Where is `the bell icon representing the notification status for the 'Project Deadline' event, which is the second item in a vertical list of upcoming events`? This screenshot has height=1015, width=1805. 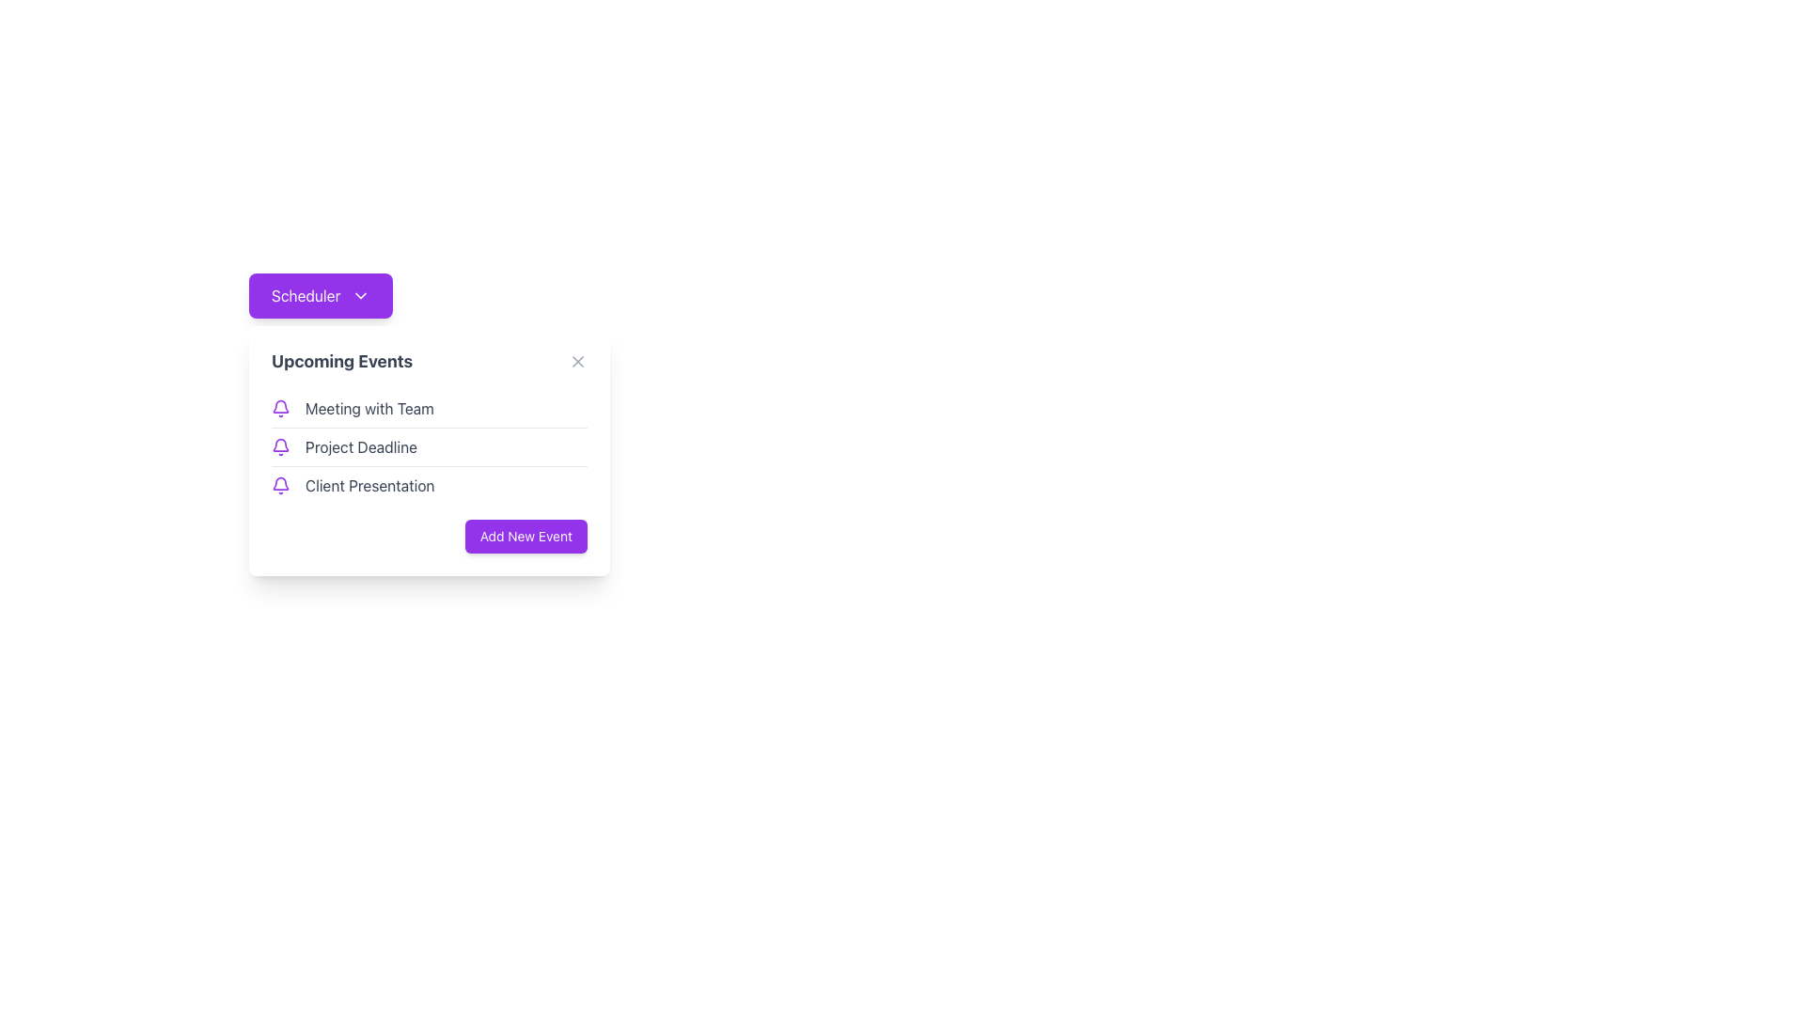 the bell icon representing the notification status for the 'Project Deadline' event, which is the second item in a vertical list of upcoming events is located at coordinates (279, 446).